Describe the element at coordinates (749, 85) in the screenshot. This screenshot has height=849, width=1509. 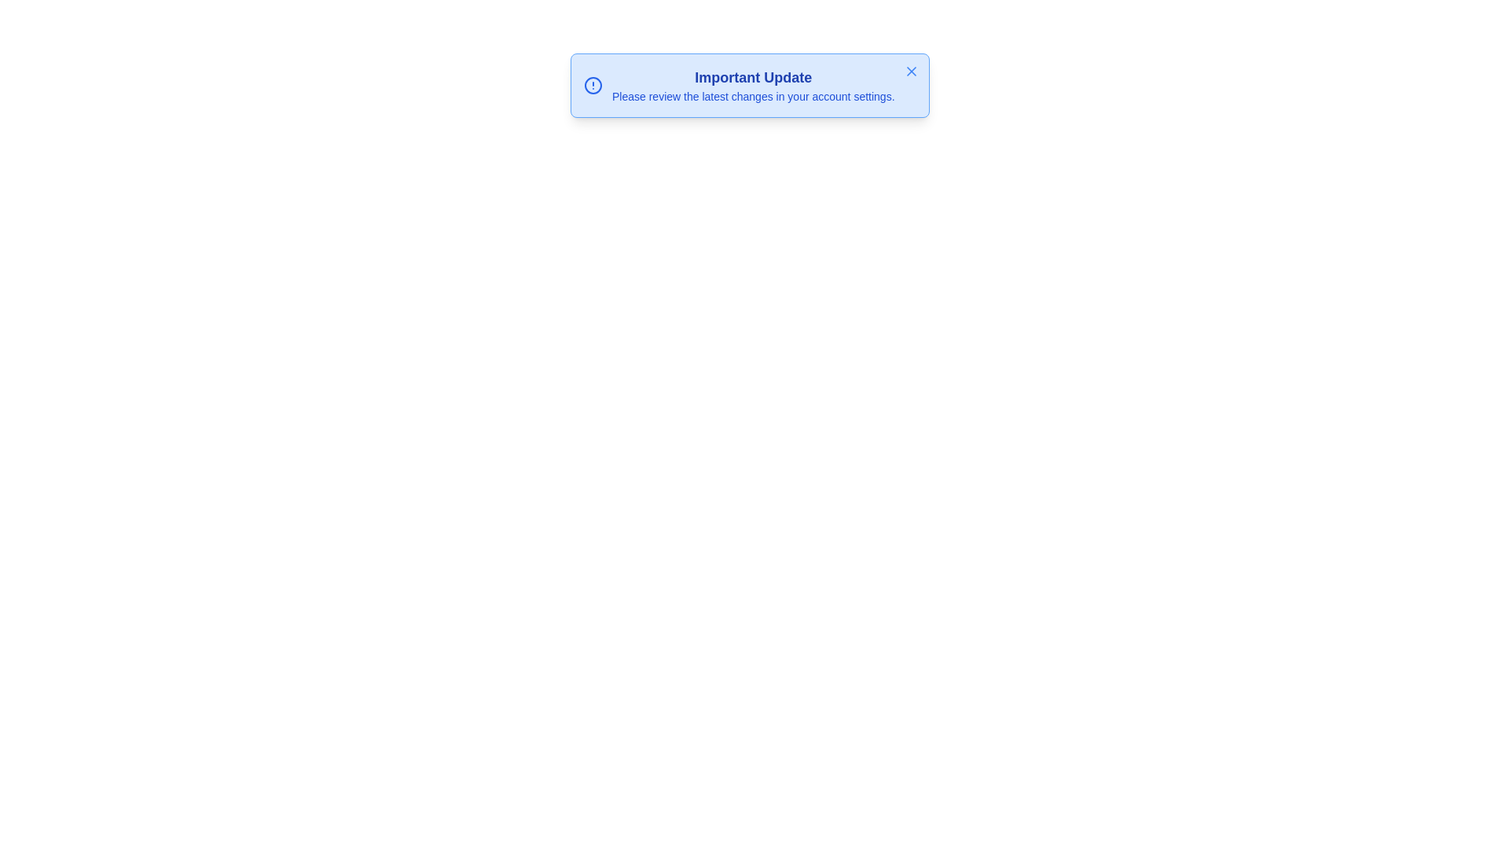
I see `the Notification banner that has a light blue background, blue borders, and contains the heading 'Important Update' with an alert icon on the left and a close button on the right` at that location.